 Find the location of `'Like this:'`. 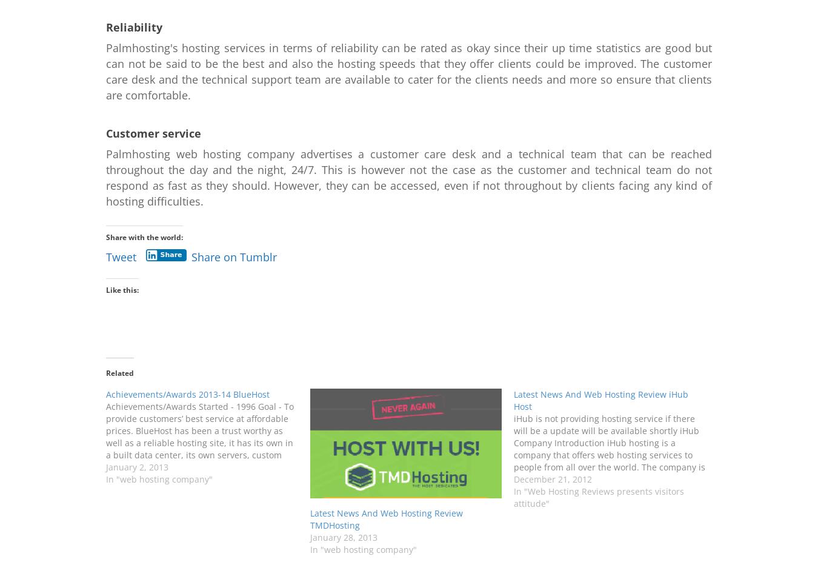

'Like this:' is located at coordinates (122, 290).